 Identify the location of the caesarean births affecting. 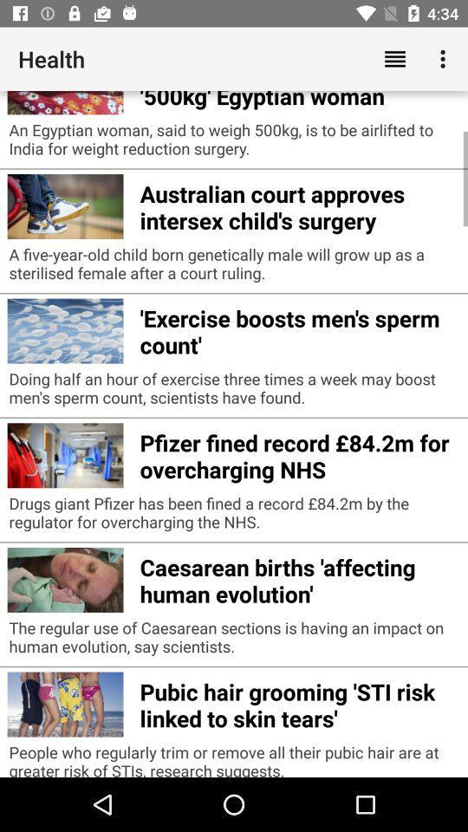
(298, 578).